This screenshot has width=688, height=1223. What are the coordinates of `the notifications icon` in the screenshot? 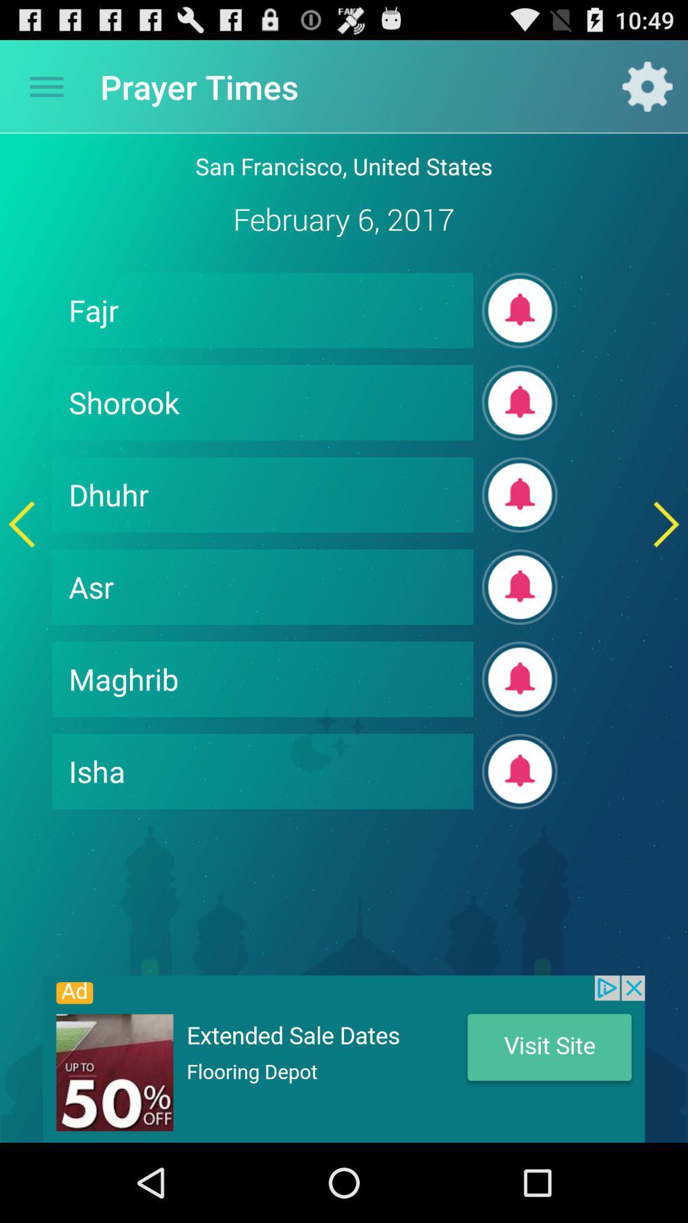 It's located at (520, 826).